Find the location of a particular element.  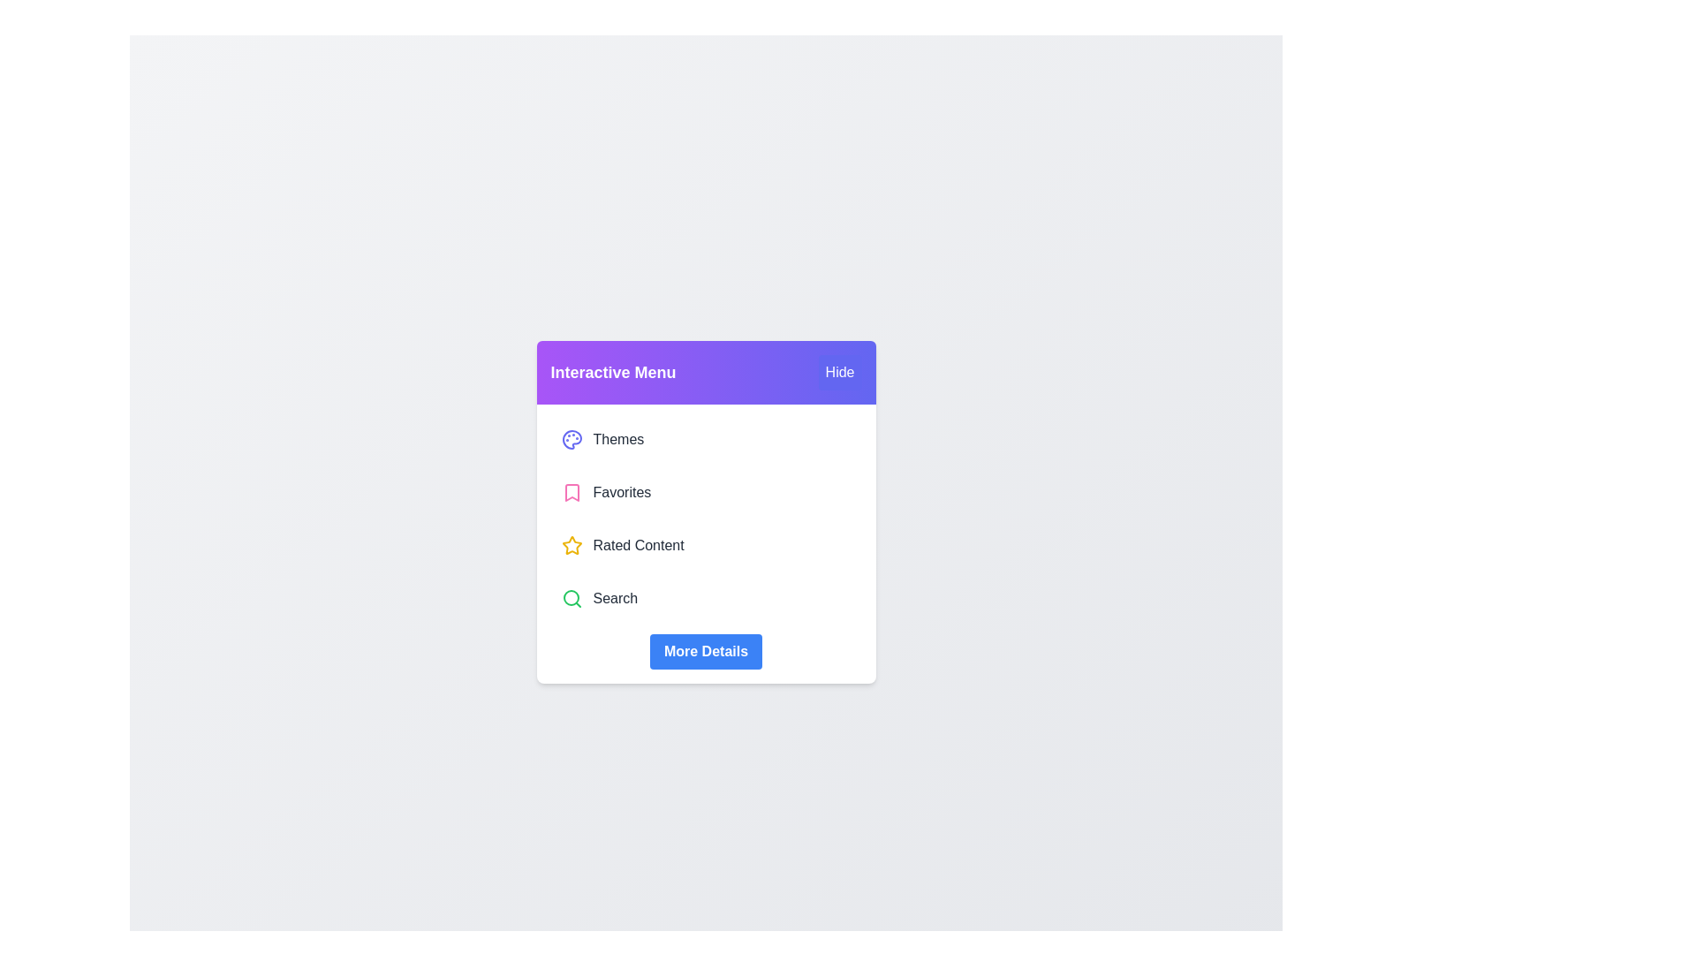

the menu item labeled Search is located at coordinates (705, 598).